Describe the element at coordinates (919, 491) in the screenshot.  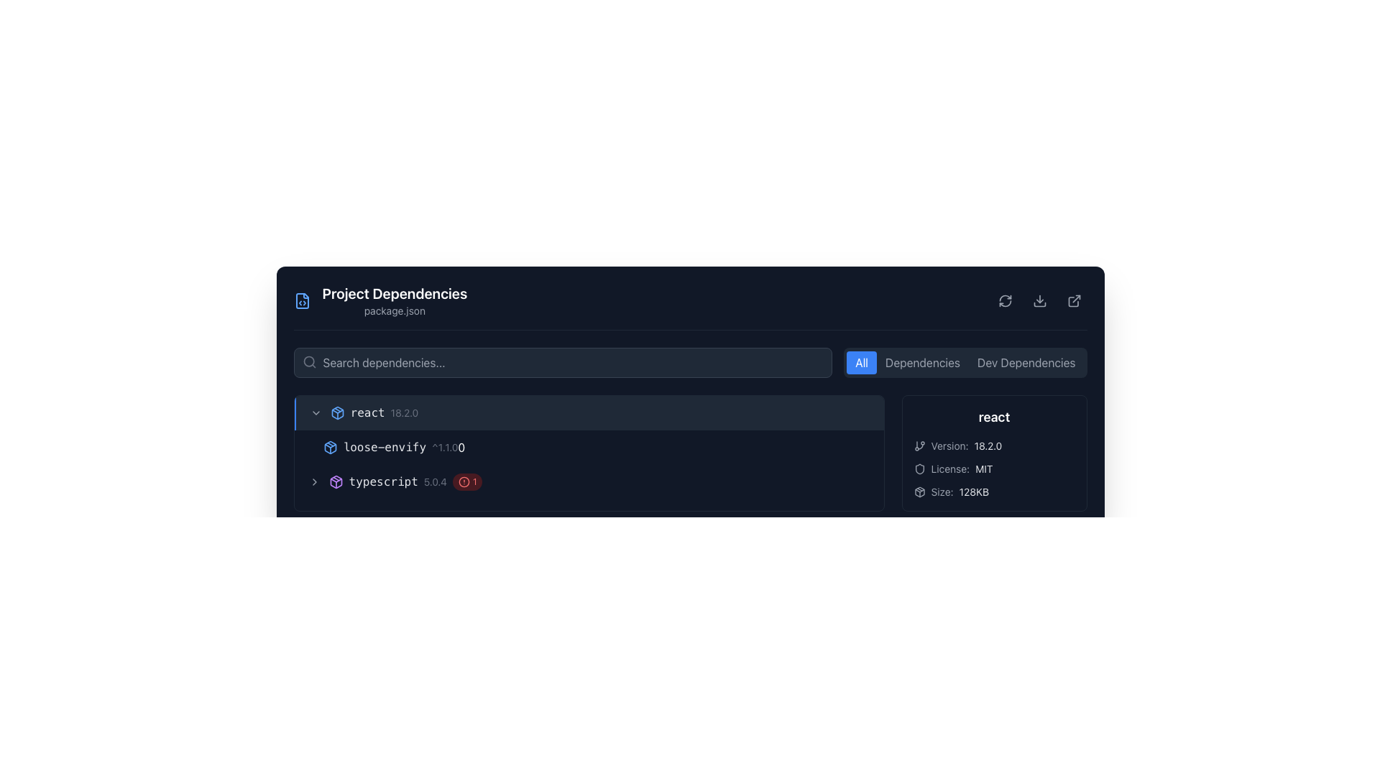
I see `the visual representation of the icon indicating the size of a file, which is located at the beginning of the information block displaying 'Size: 128KB'` at that location.